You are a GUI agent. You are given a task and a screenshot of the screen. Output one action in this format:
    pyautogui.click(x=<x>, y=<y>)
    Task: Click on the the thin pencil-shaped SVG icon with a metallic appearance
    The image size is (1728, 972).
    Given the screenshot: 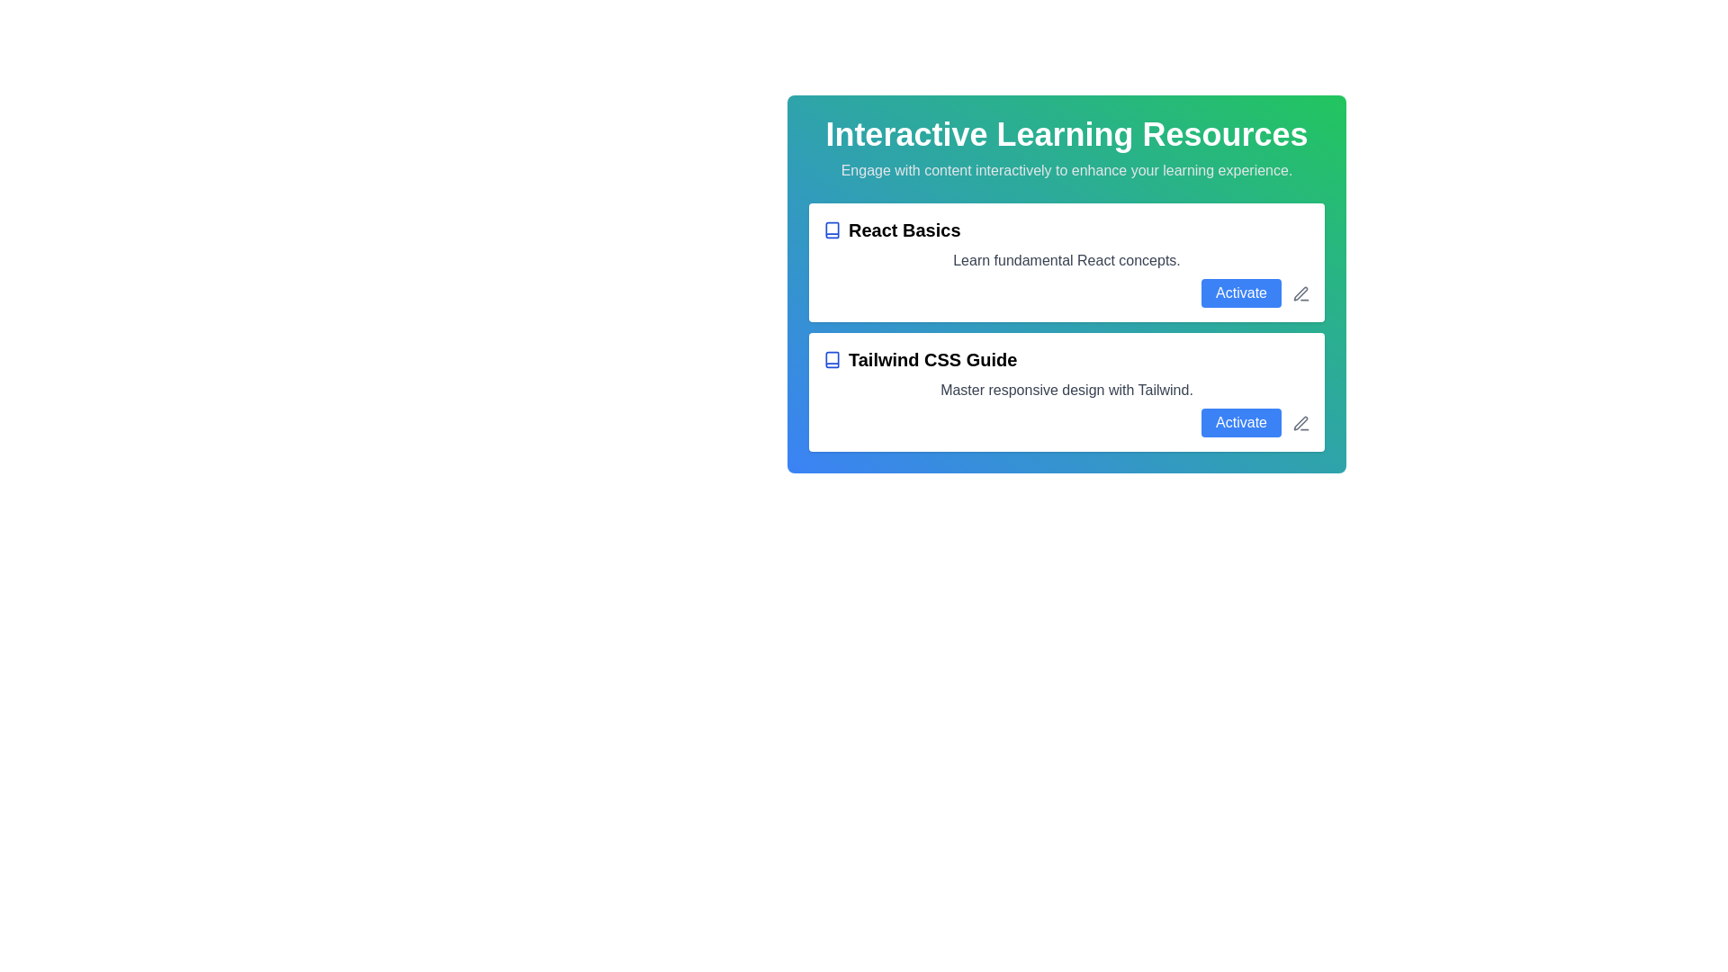 What is the action you would take?
    pyautogui.click(x=1300, y=292)
    